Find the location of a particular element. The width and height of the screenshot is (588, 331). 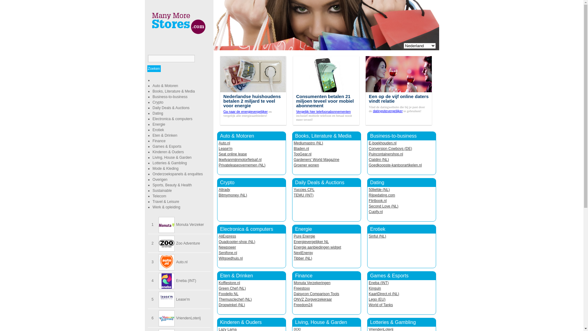

'Seat online lease' is located at coordinates (232, 154).